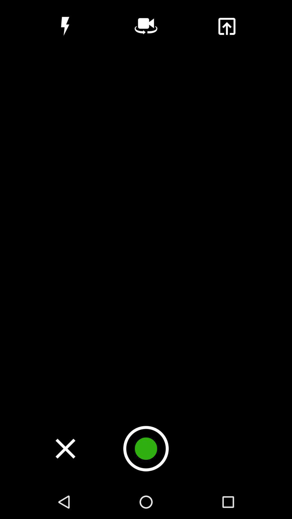  Describe the element at coordinates (65, 448) in the screenshot. I see `item at the bottom left corner` at that location.